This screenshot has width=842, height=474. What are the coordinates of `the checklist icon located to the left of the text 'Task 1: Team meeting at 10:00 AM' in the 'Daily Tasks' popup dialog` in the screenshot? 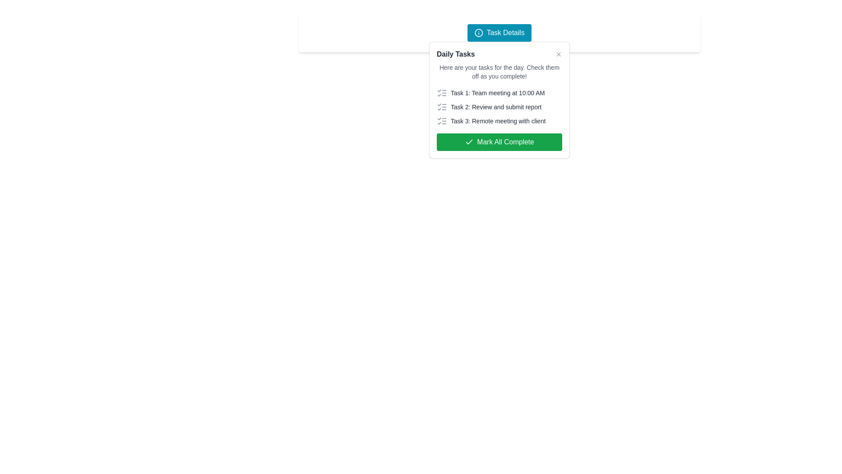 It's located at (442, 93).